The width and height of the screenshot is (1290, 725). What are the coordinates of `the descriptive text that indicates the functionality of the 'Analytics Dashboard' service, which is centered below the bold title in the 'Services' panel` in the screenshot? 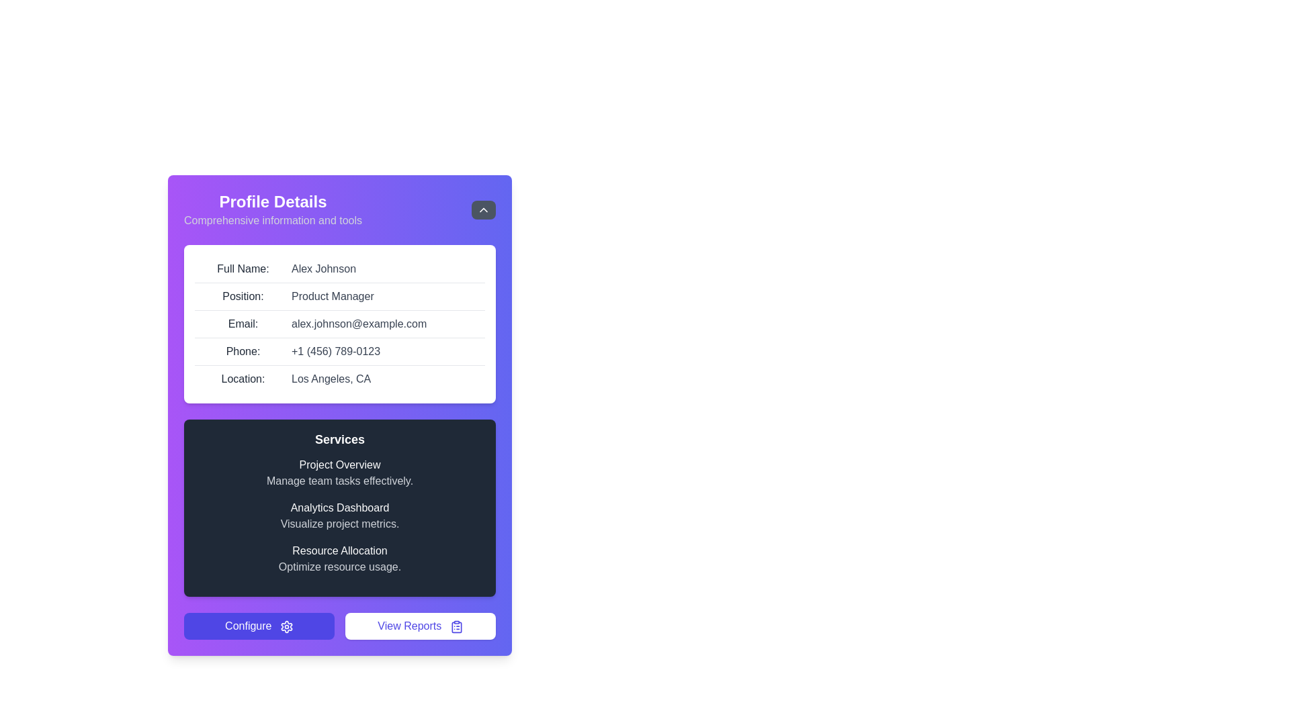 It's located at (339, 523).